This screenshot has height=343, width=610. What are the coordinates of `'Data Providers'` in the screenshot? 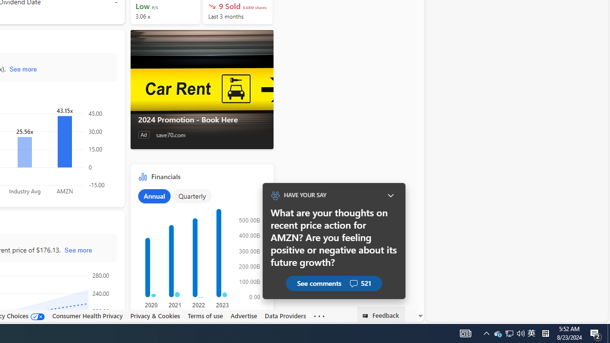 It's located at (285, 316).